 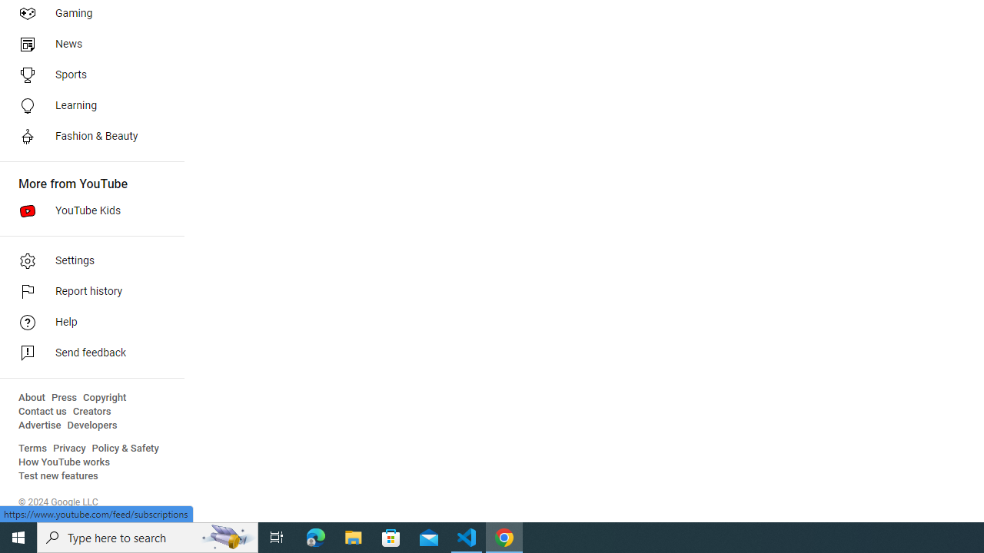 What do you see at coordinates (86, 43) in the screenshot?
I see `'News'` at bounding box center [86, 43].